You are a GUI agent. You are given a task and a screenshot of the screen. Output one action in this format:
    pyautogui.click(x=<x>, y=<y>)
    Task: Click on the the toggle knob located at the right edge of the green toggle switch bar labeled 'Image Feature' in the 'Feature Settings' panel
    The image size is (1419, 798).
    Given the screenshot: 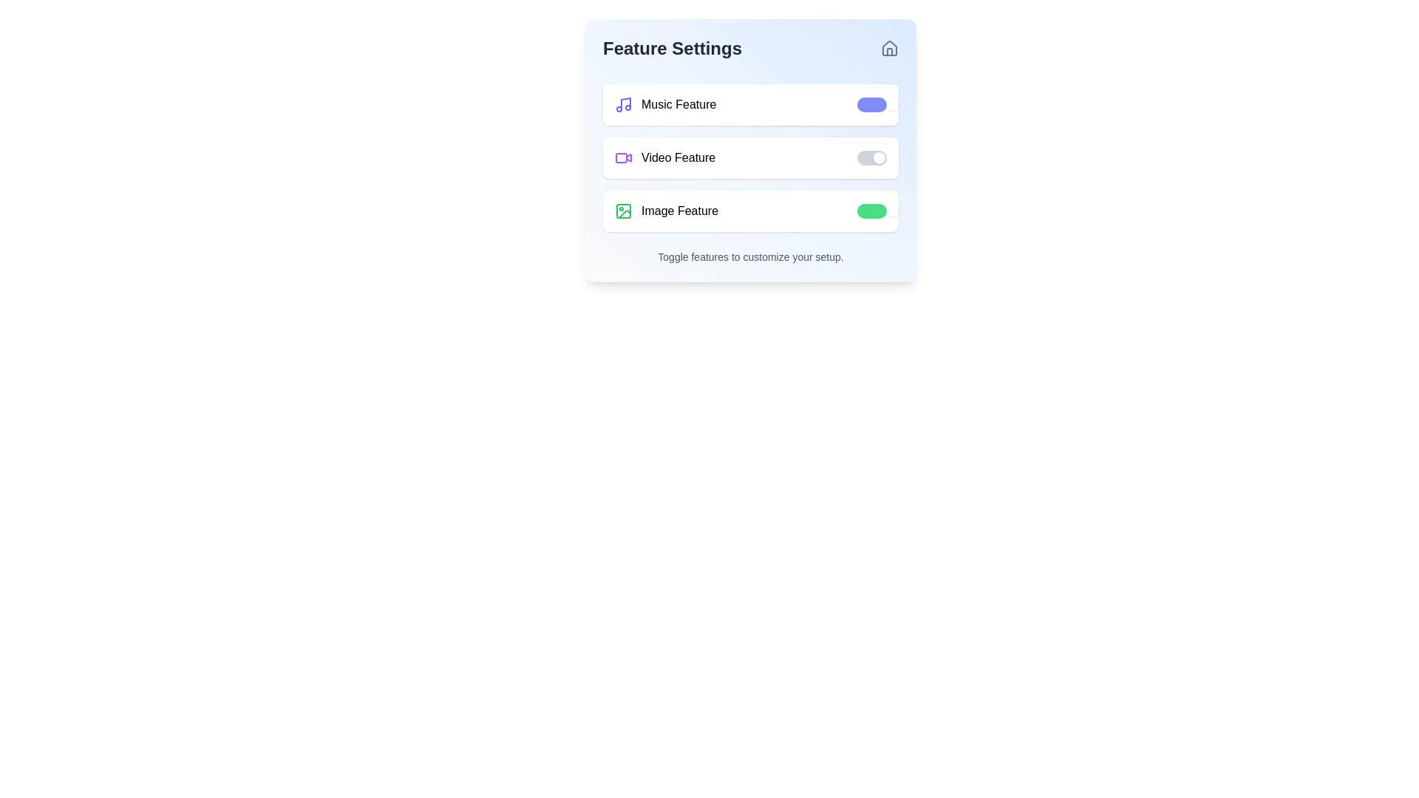 What is the action you would take?
    pyautogui.click(x=892, y=211)
    